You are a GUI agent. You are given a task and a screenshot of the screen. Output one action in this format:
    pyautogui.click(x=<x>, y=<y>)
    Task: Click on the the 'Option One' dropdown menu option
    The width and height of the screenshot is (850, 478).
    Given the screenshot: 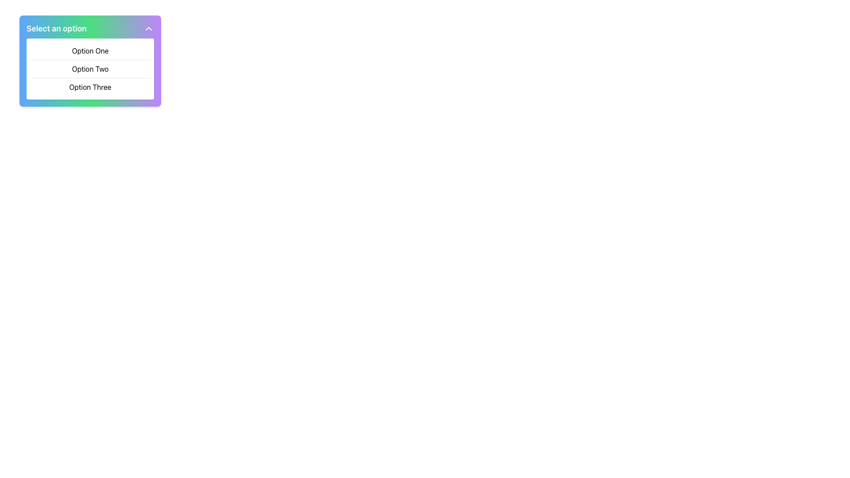 What is the action you would take?
    pyautogui.click(x=90, y=51)
    